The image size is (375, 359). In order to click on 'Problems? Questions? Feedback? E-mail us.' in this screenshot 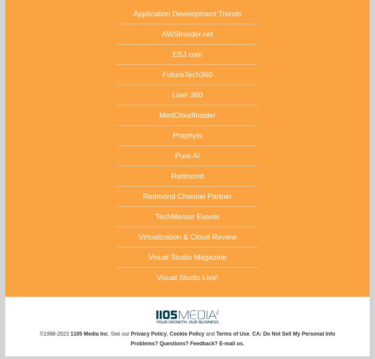, I will do `click(187, 343)`.